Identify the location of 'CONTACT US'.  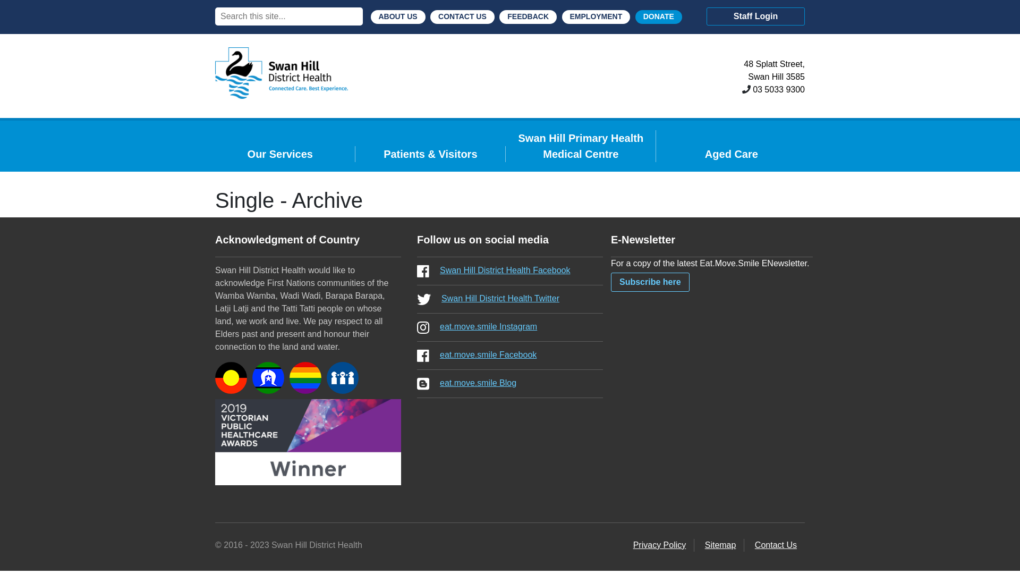
(430, 16).